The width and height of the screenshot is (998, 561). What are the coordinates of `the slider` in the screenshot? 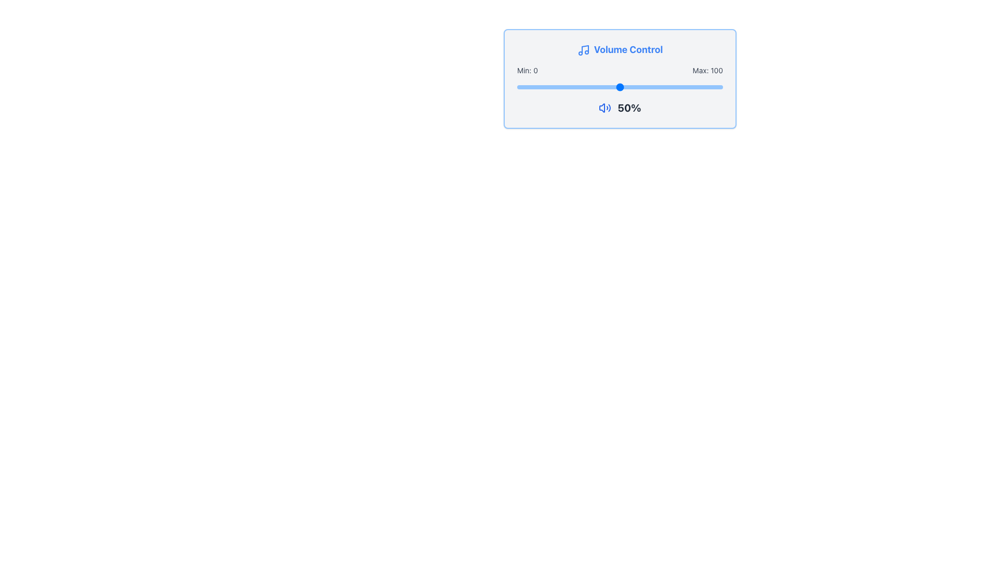 It's located at (583, 87).